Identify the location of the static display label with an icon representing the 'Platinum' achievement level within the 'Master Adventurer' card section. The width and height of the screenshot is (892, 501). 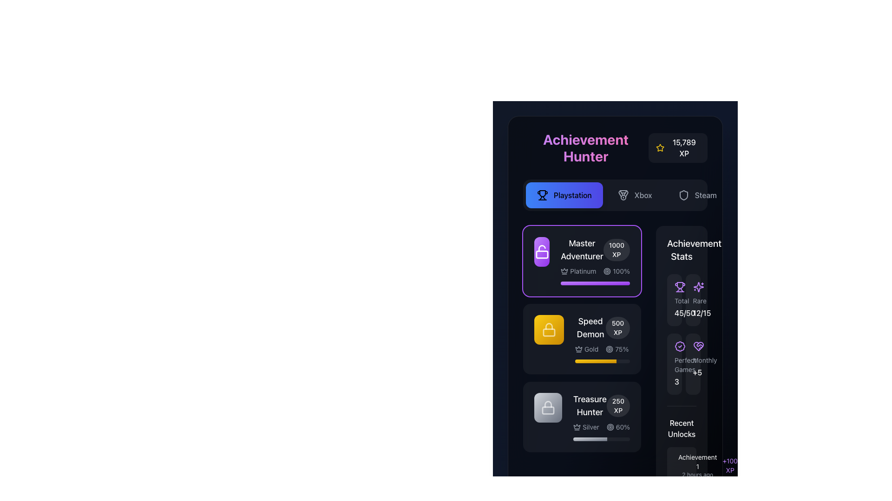
(578, 271).